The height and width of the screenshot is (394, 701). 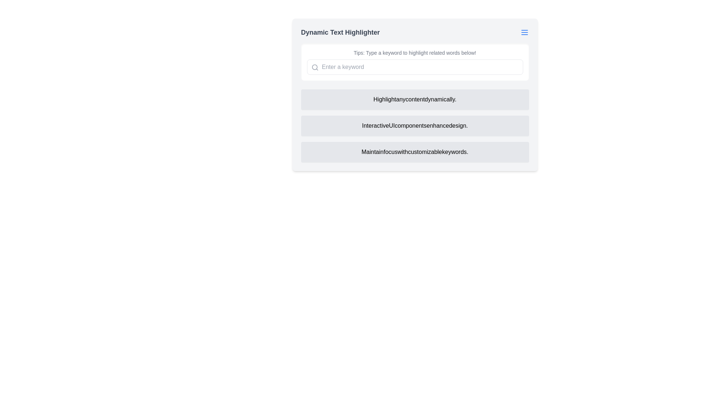 What do you see at coordinates (415, 94) in the screenshot?
I see `the first Static info card within the 'Dynamic Text Highlighter' section, which serves as a static content display segment` at bounding box center [415, 94].